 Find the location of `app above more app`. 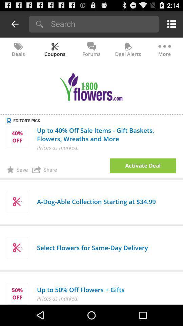

app above more app is located at coordinates (170, 24).